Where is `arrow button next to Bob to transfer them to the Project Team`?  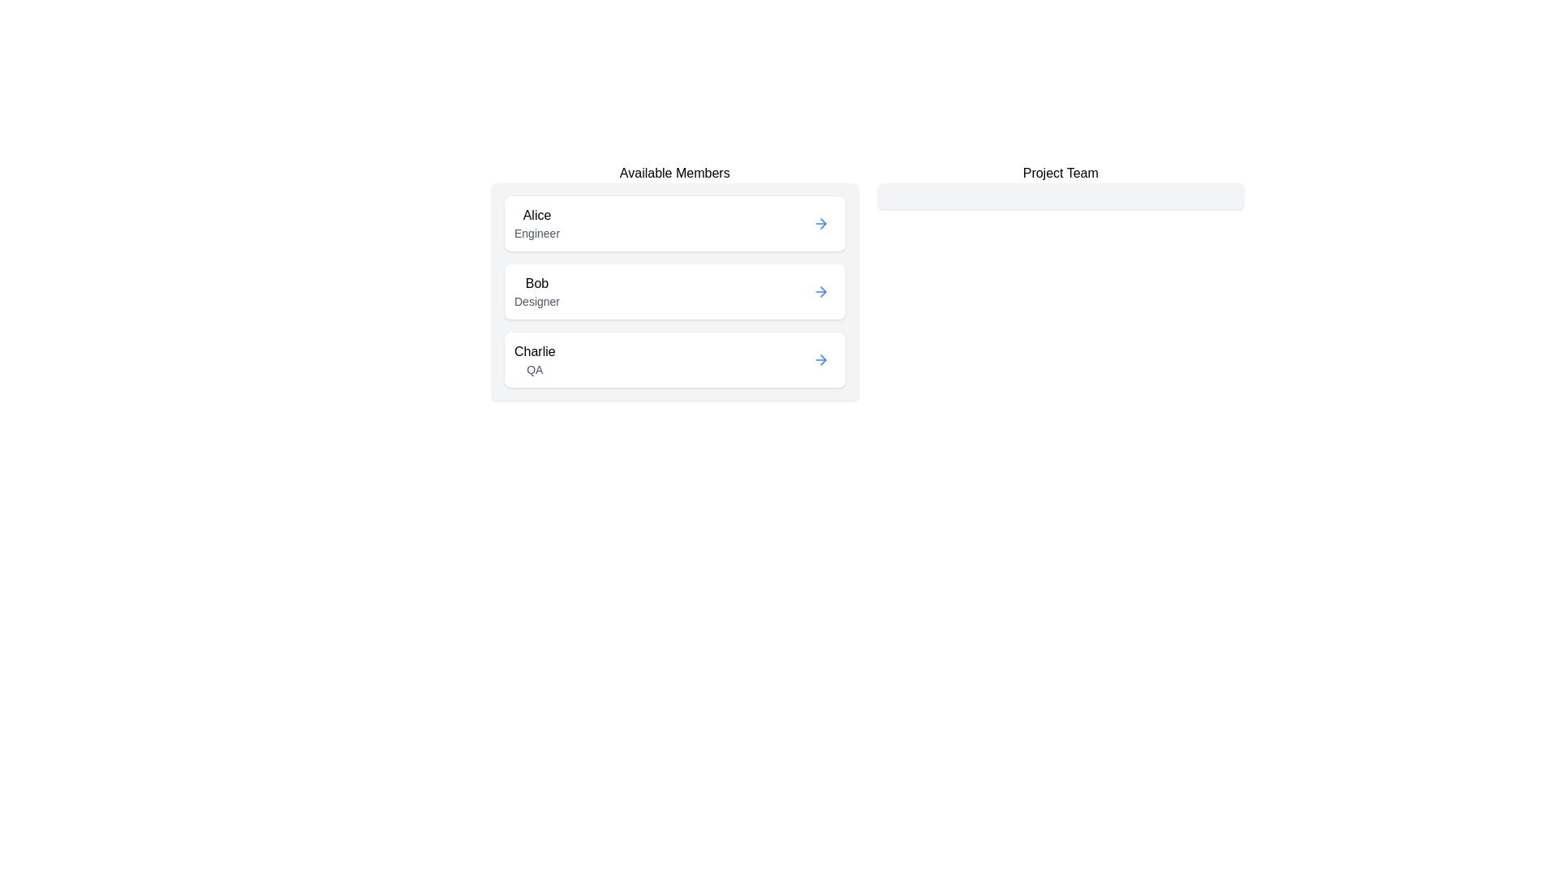 arrow button next to Bob to transfer them to the Project Team is located at coordinates (820, 290).